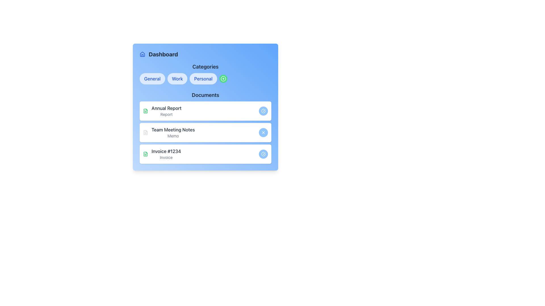 The height and width of the screenshot is (306, 545). What do you see at coordinates (166, 108) in the screenshot?
I see `text element that displays 'Annual Report', which is bold and located within the first document card under the 'Documents' header` at bounding box center [166, 108].